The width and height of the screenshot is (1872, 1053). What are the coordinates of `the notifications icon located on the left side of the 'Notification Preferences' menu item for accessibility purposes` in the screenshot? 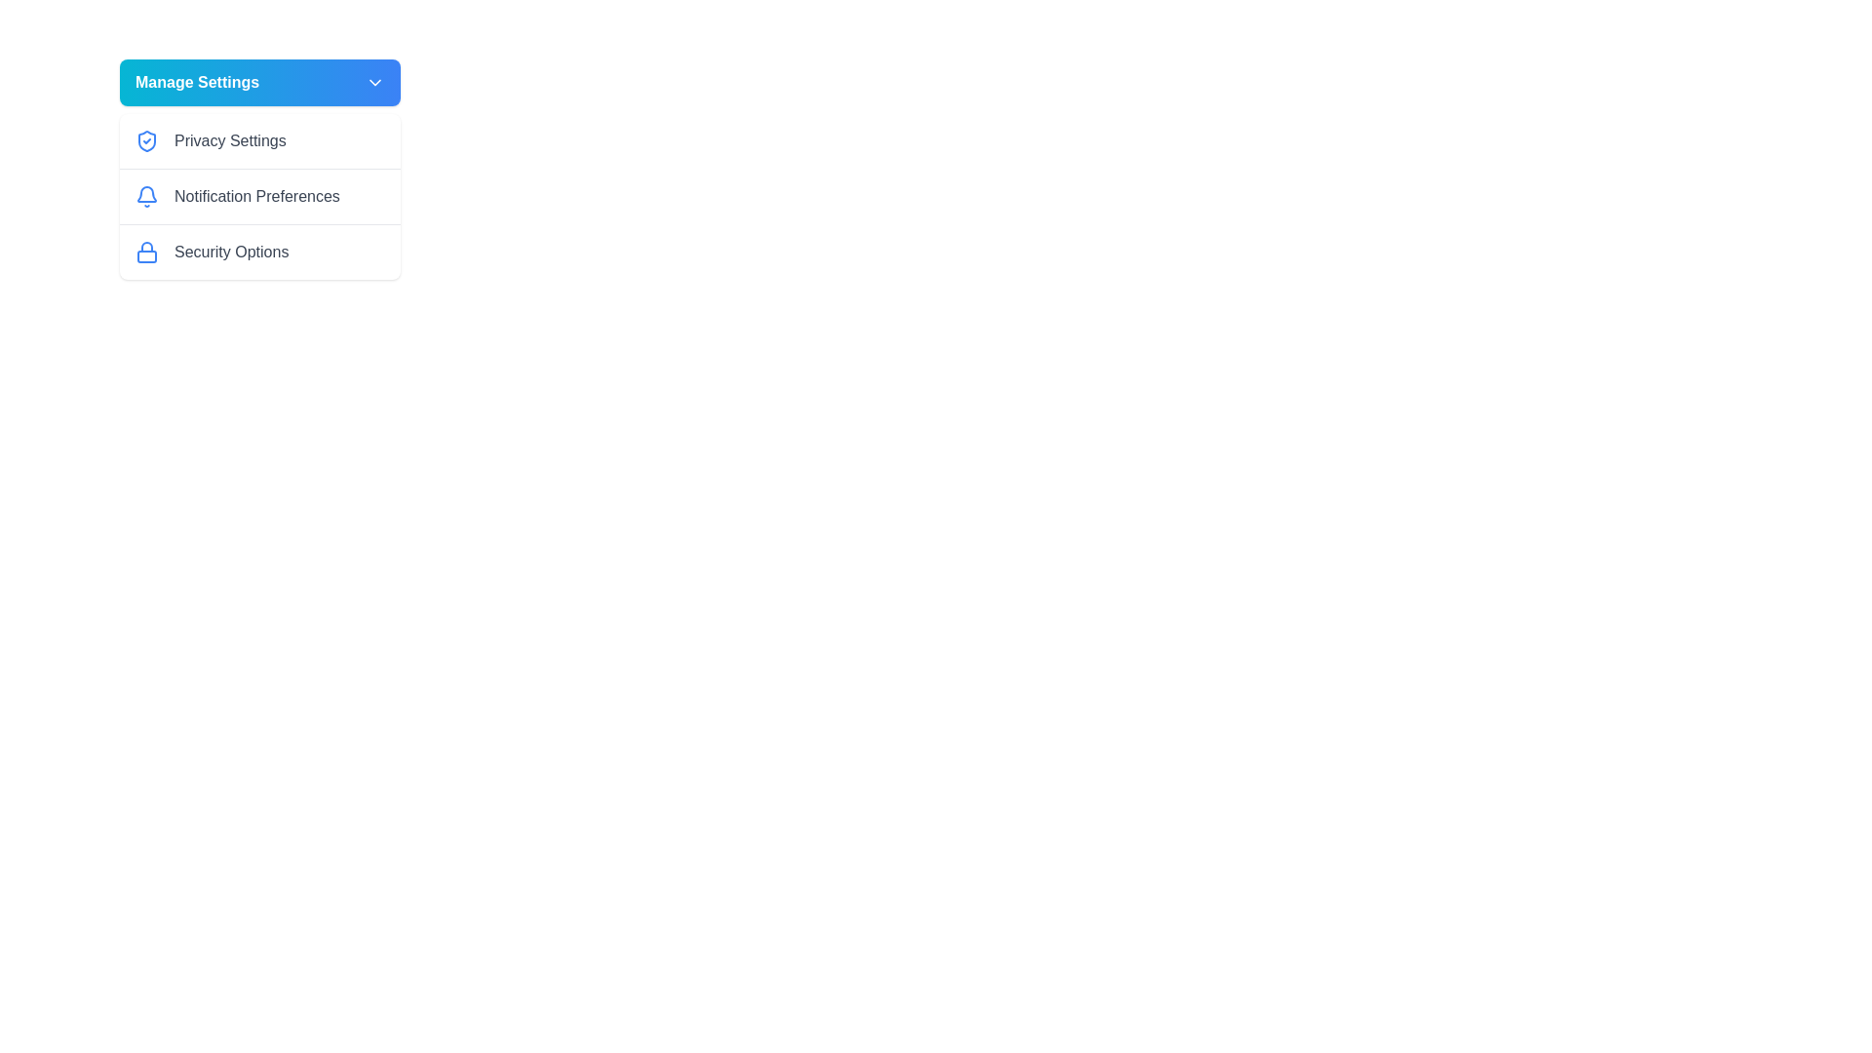 It's located at (145, 196).